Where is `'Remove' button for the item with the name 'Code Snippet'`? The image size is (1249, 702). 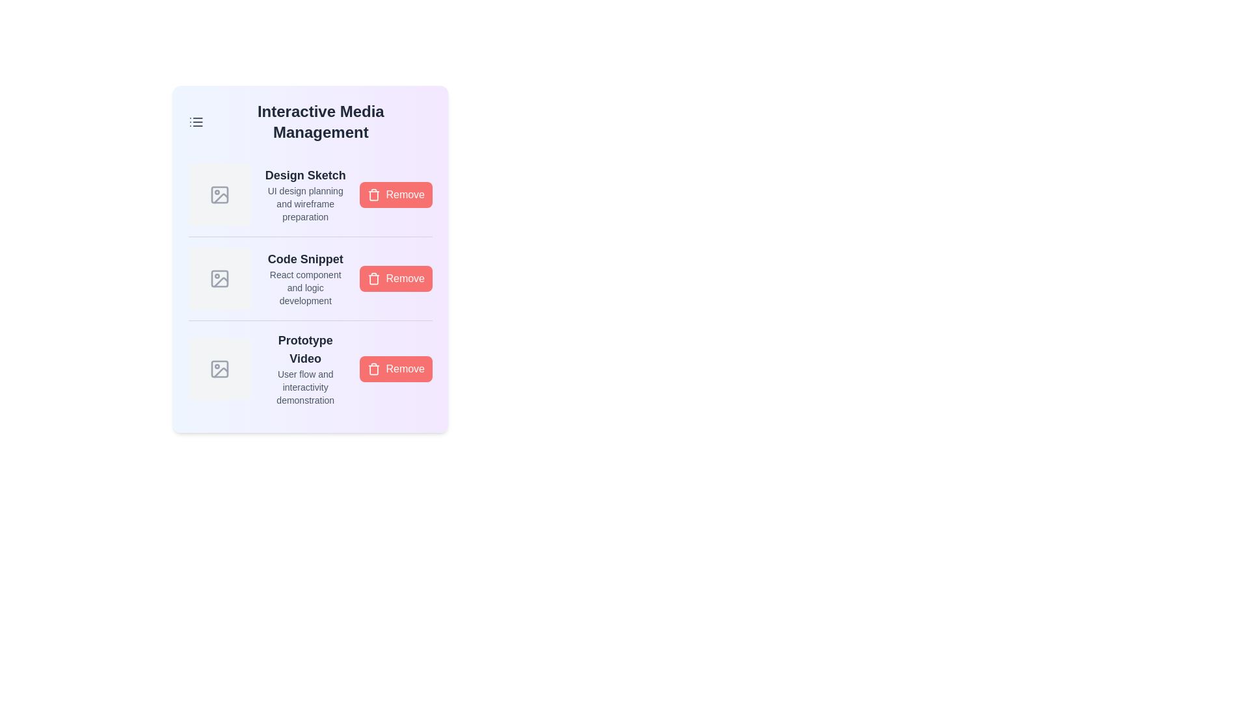 'Remove' button for the item with the name 'Code Snippet' is located at coordinates (396, 278).